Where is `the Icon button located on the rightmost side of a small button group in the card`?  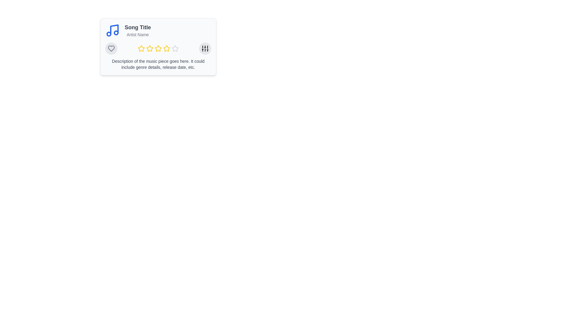
the Icon button located on the rightmost side of a small button group in the card is located at coordinates (205, 48).